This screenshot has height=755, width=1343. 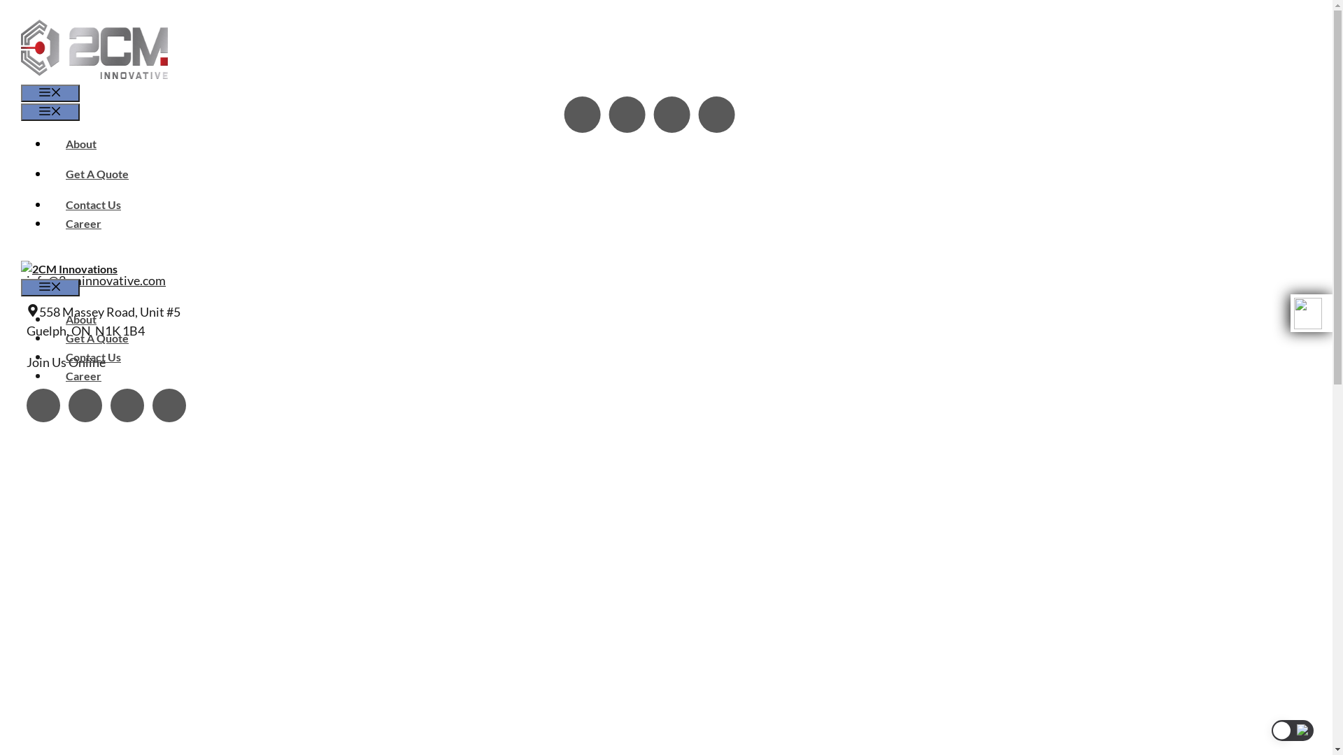 I want to click on 'request a quotation today', so click(x=601, y=185).